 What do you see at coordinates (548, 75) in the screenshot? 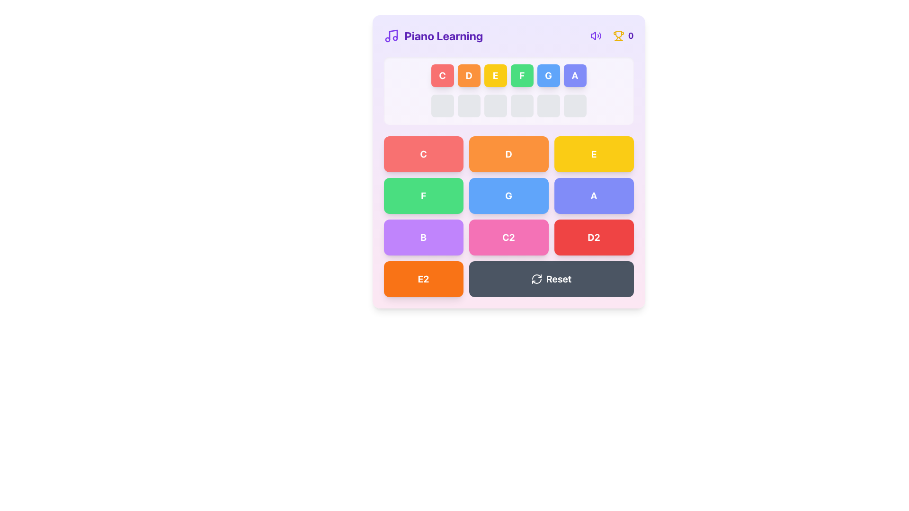
I see `the button representing the note 'G', which is located between the green button 'F' and the purple button 'A' at the top of the main area of the interface` at bounding box center [548, 75].